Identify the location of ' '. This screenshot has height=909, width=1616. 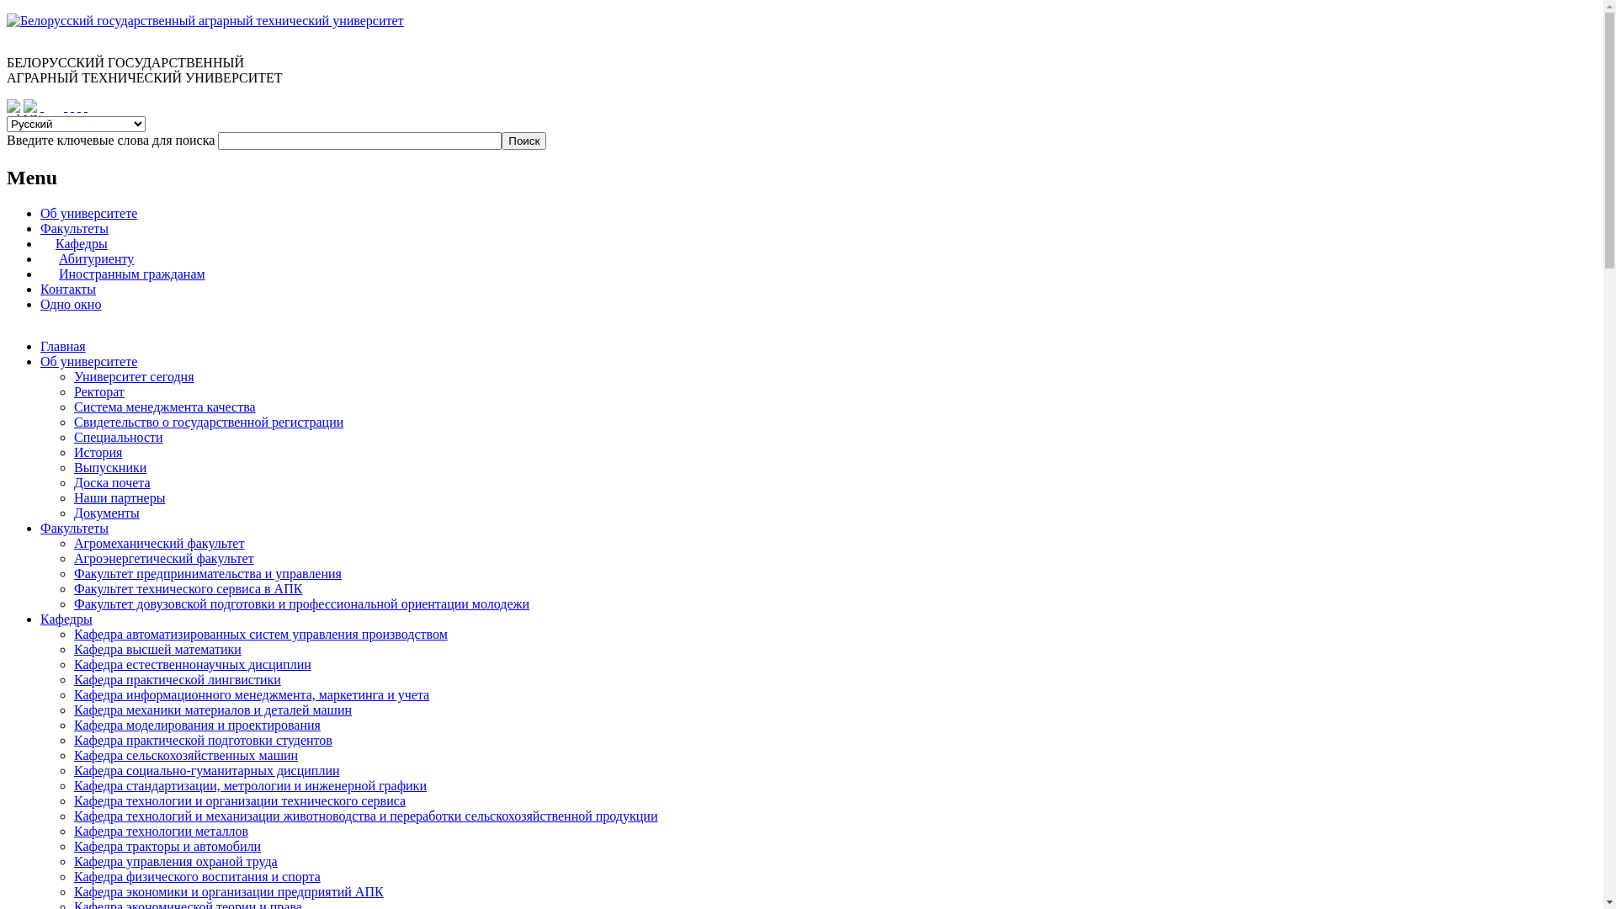
(72, 106).